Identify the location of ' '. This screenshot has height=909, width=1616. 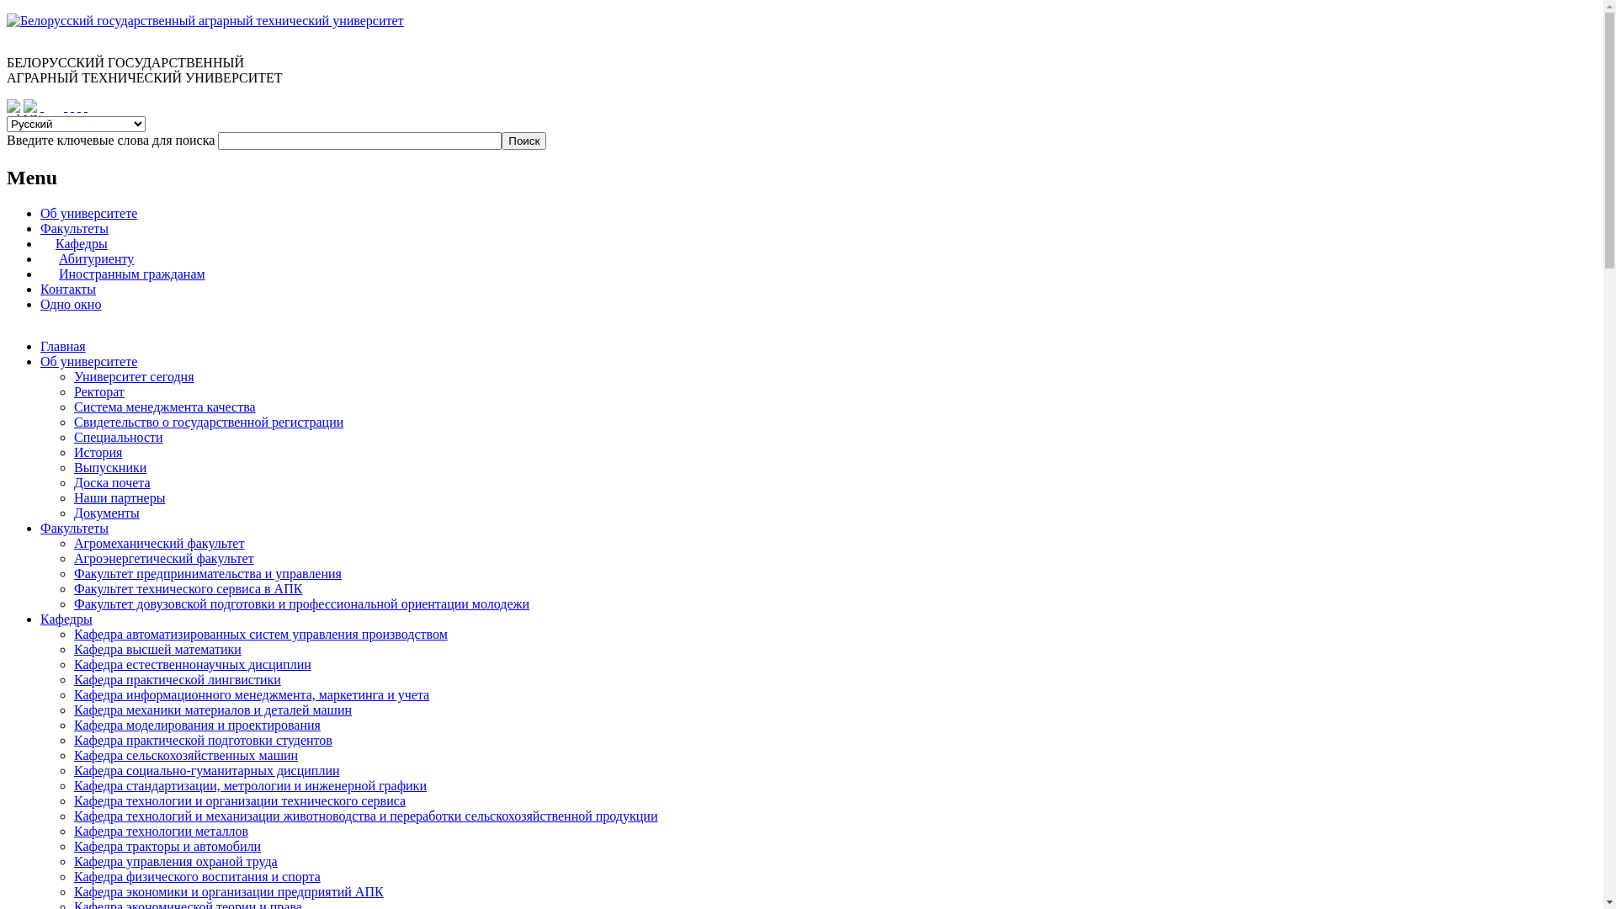
(72, 106).